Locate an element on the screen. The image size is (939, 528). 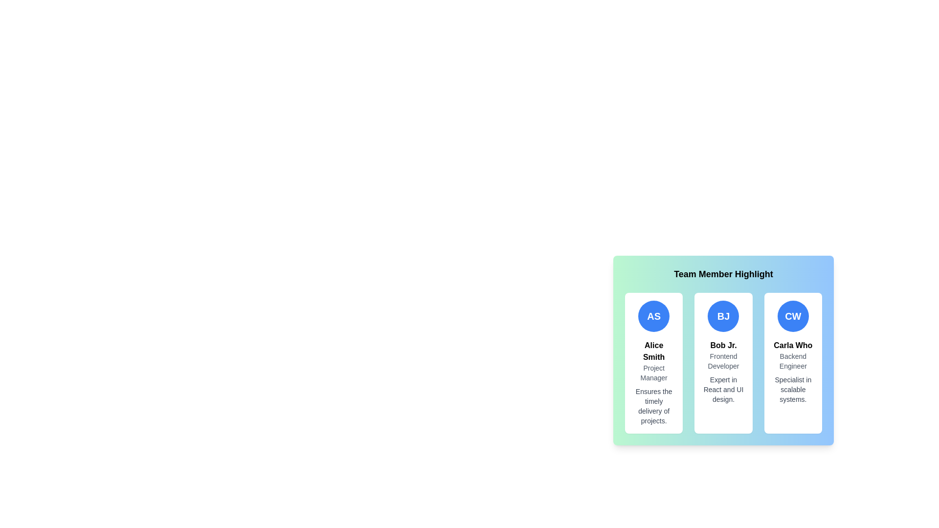
the static text label that describes 'Expert in React and UI design', which is styled in a small gray font and positioned beneath the 'Frontend Developer' subtitle in the 'Team Member Highlight' section is located at coordinates (723, 389).